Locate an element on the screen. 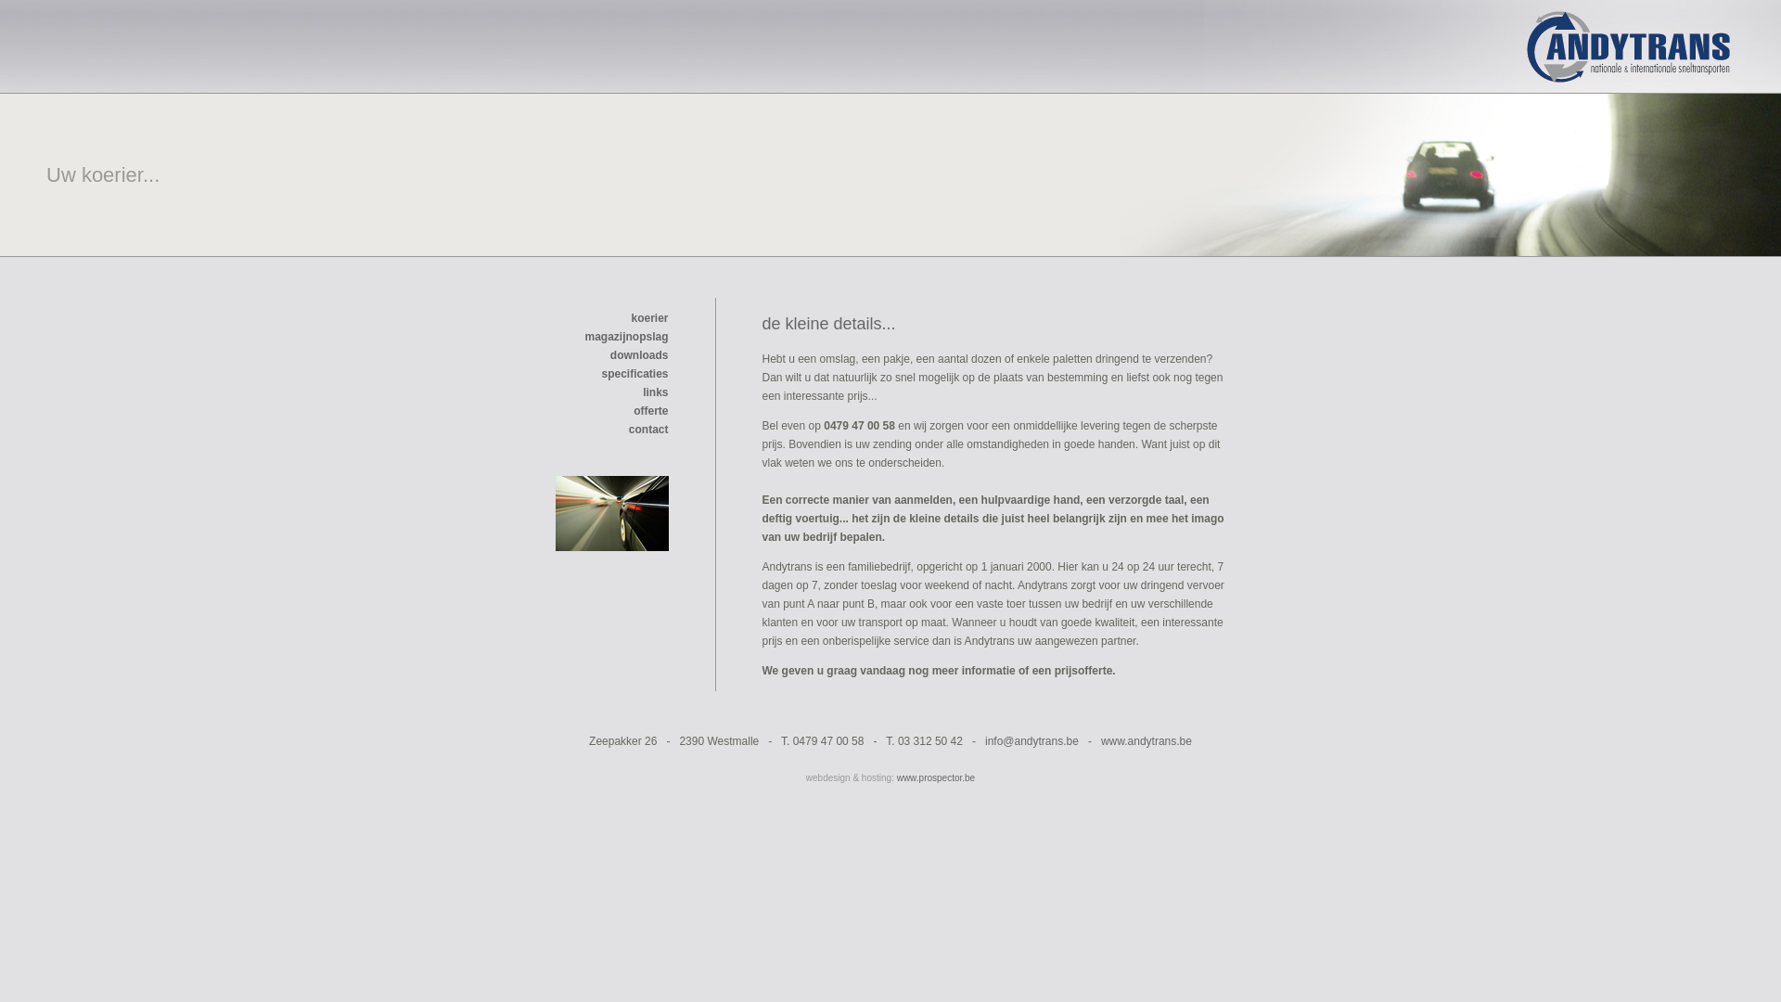 The height and width of the screenshot is (1002, 1781). 'downloads' is located at coordinates (639, 354).